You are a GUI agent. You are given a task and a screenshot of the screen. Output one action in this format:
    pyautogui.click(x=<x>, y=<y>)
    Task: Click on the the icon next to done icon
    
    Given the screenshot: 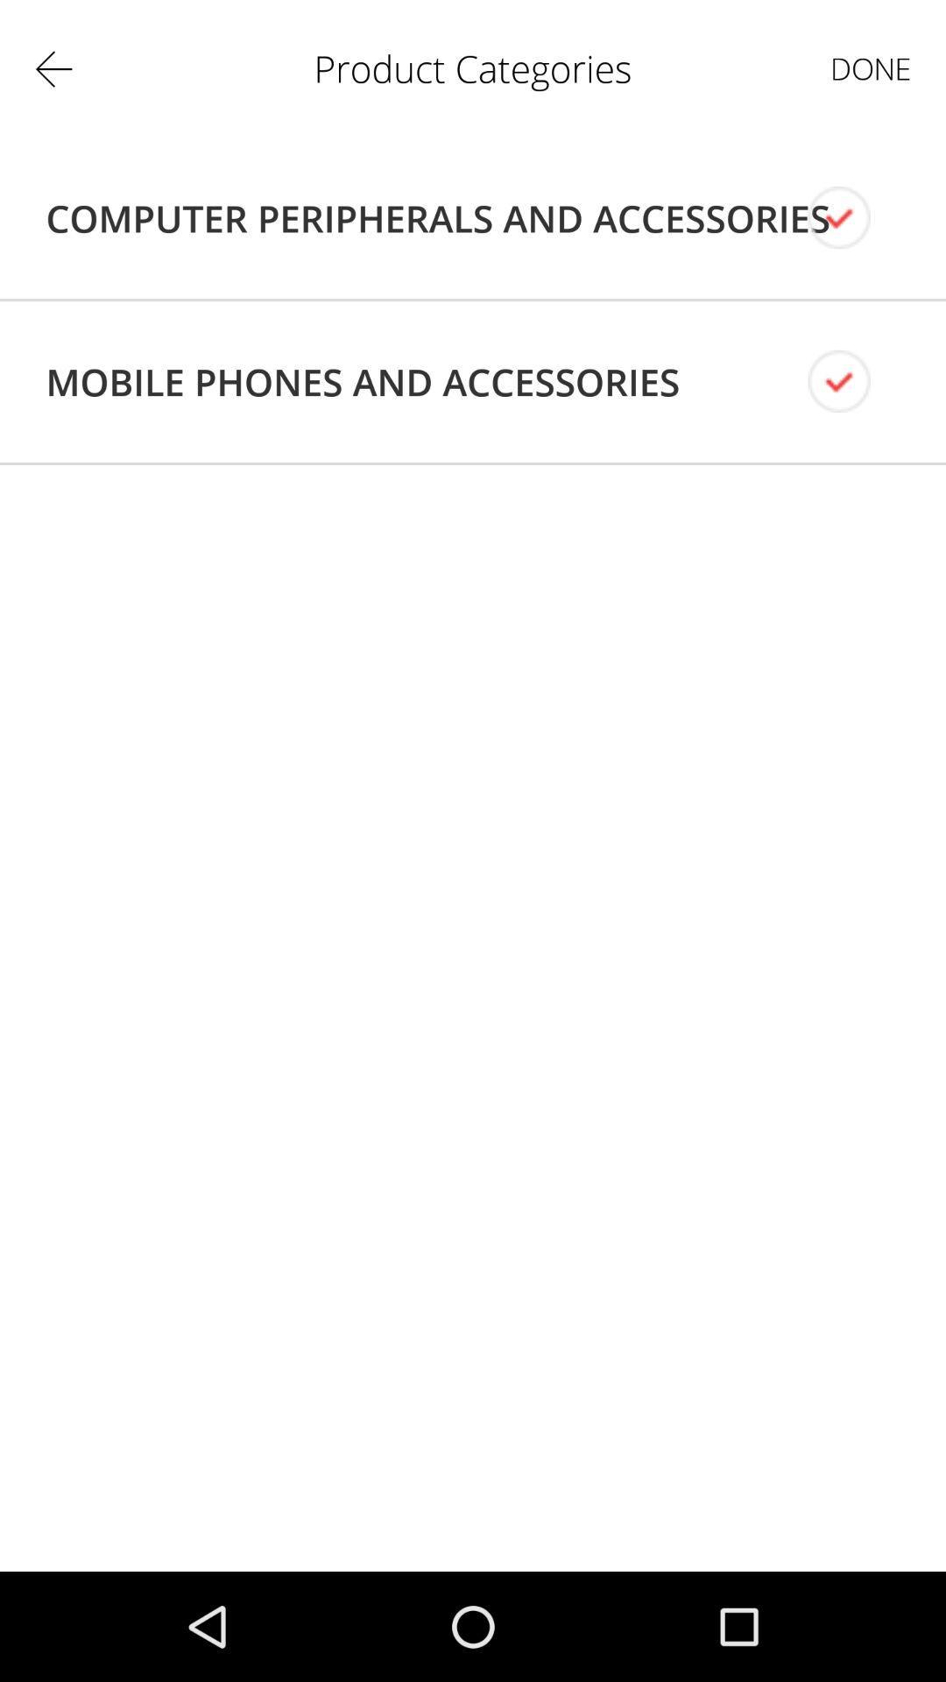 What is the action you would take?
    pyautogui.click(x=437, y=217)
    